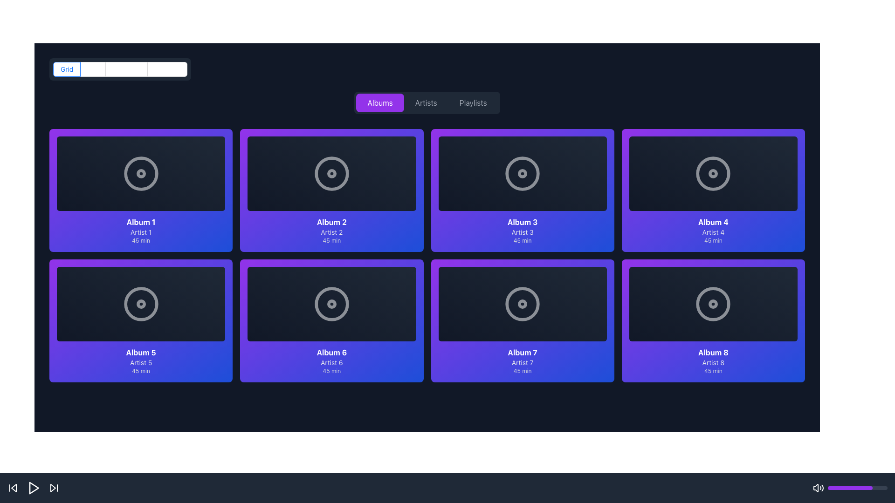 The width and height of the screenshot is (895, 503). I want to click on progress bar, so click(831, 488).